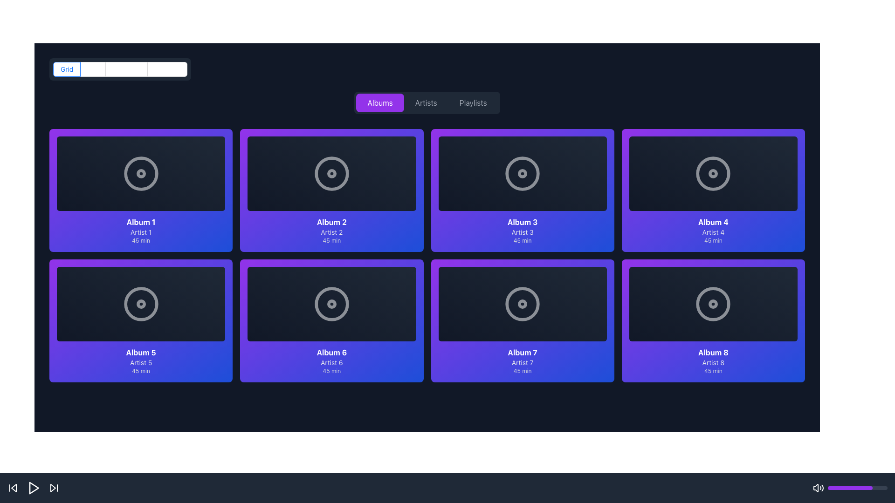 The width and height of the screenshot is (895, 503). I want to click on progress bar, so click(831, 488).